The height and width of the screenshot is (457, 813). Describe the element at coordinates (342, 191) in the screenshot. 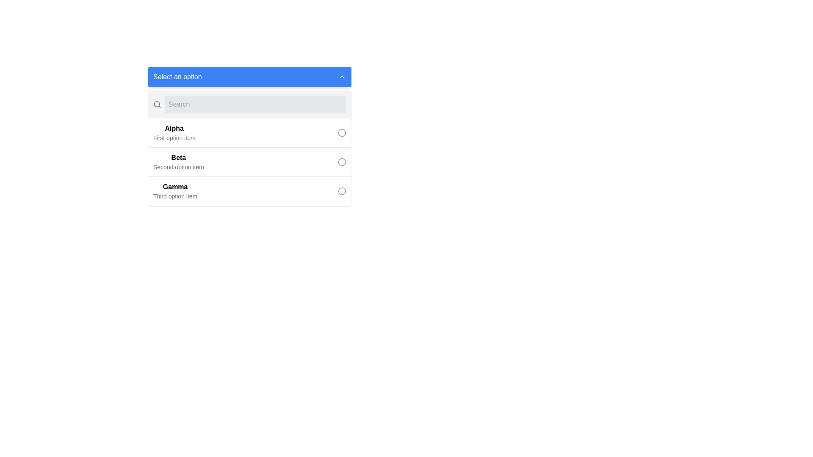

I see `the round, hollow gray circle icon located at the far-right side of the 'Gamma' option in the dropdown menu` at that location.